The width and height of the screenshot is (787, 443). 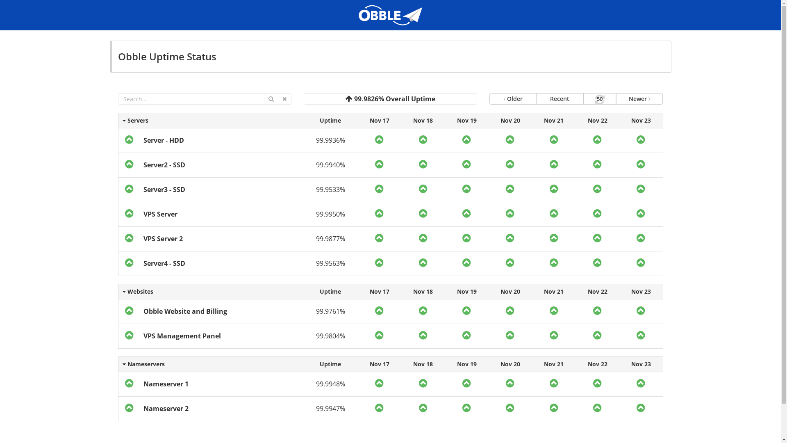 What do you see at coordinates (330, 213) in the screenshot?
I see `'99.9950%'` at bounding box center [330, 213].